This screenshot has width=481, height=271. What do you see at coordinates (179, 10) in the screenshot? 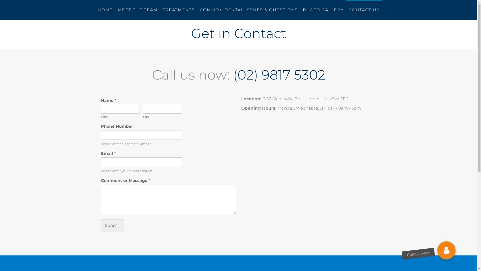
I see `'TREATMENTS'` at bounding box center [179, 10].